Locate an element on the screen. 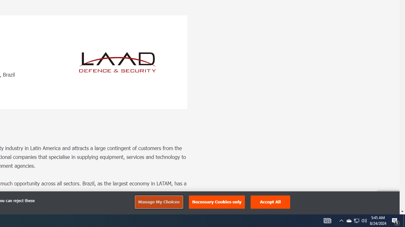  'Accept All' is located at coordinates (271, 202).